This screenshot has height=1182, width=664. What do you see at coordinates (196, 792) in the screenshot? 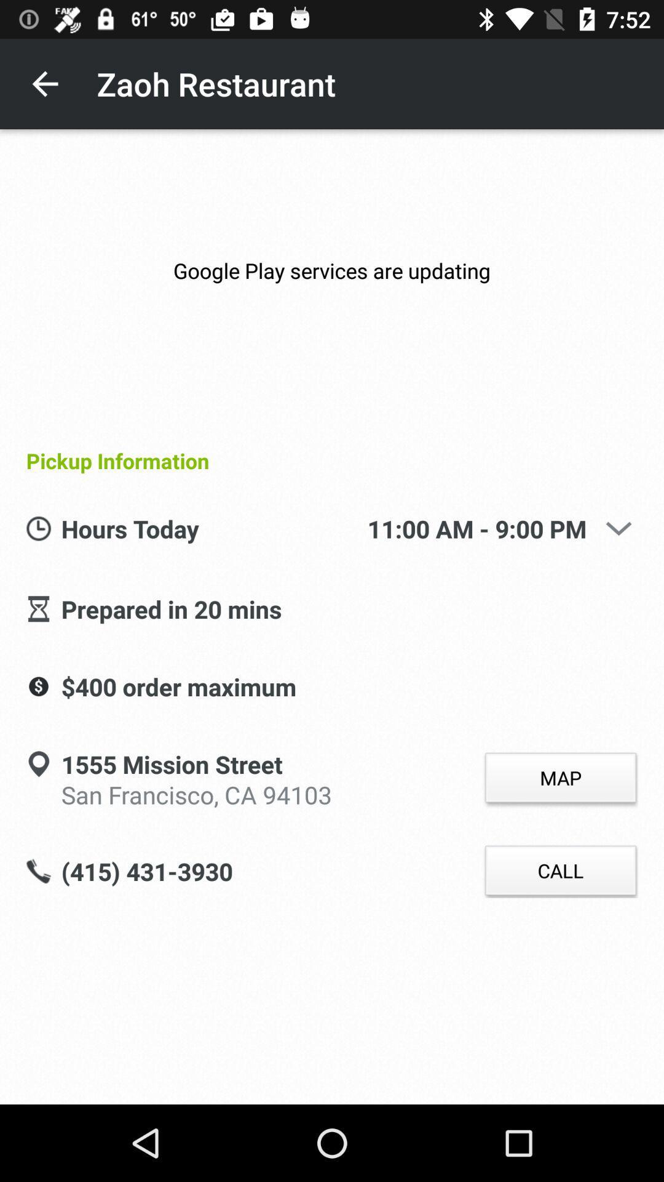
I see `the item below $400 order maximum item` at bounding box center [196, 792].